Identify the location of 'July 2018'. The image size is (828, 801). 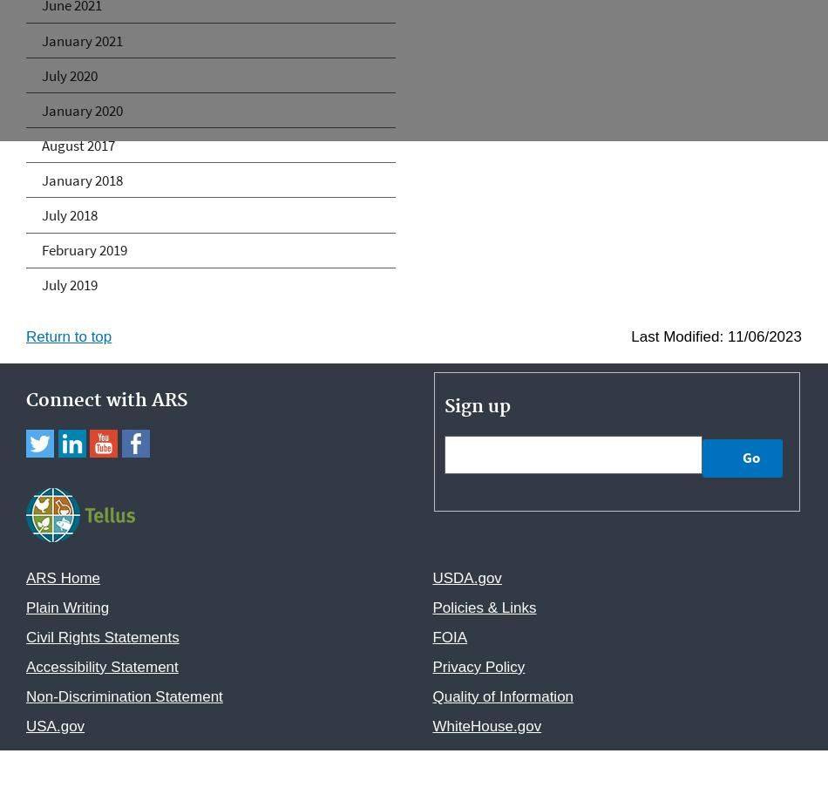
(69, 214).